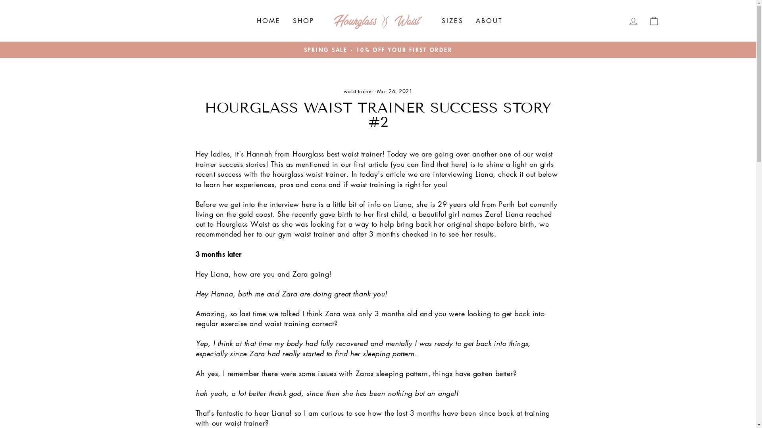 Image resolution: width=762 pixels, height=428 pixels. I want to click on 'SHOP', so click(303, 20).